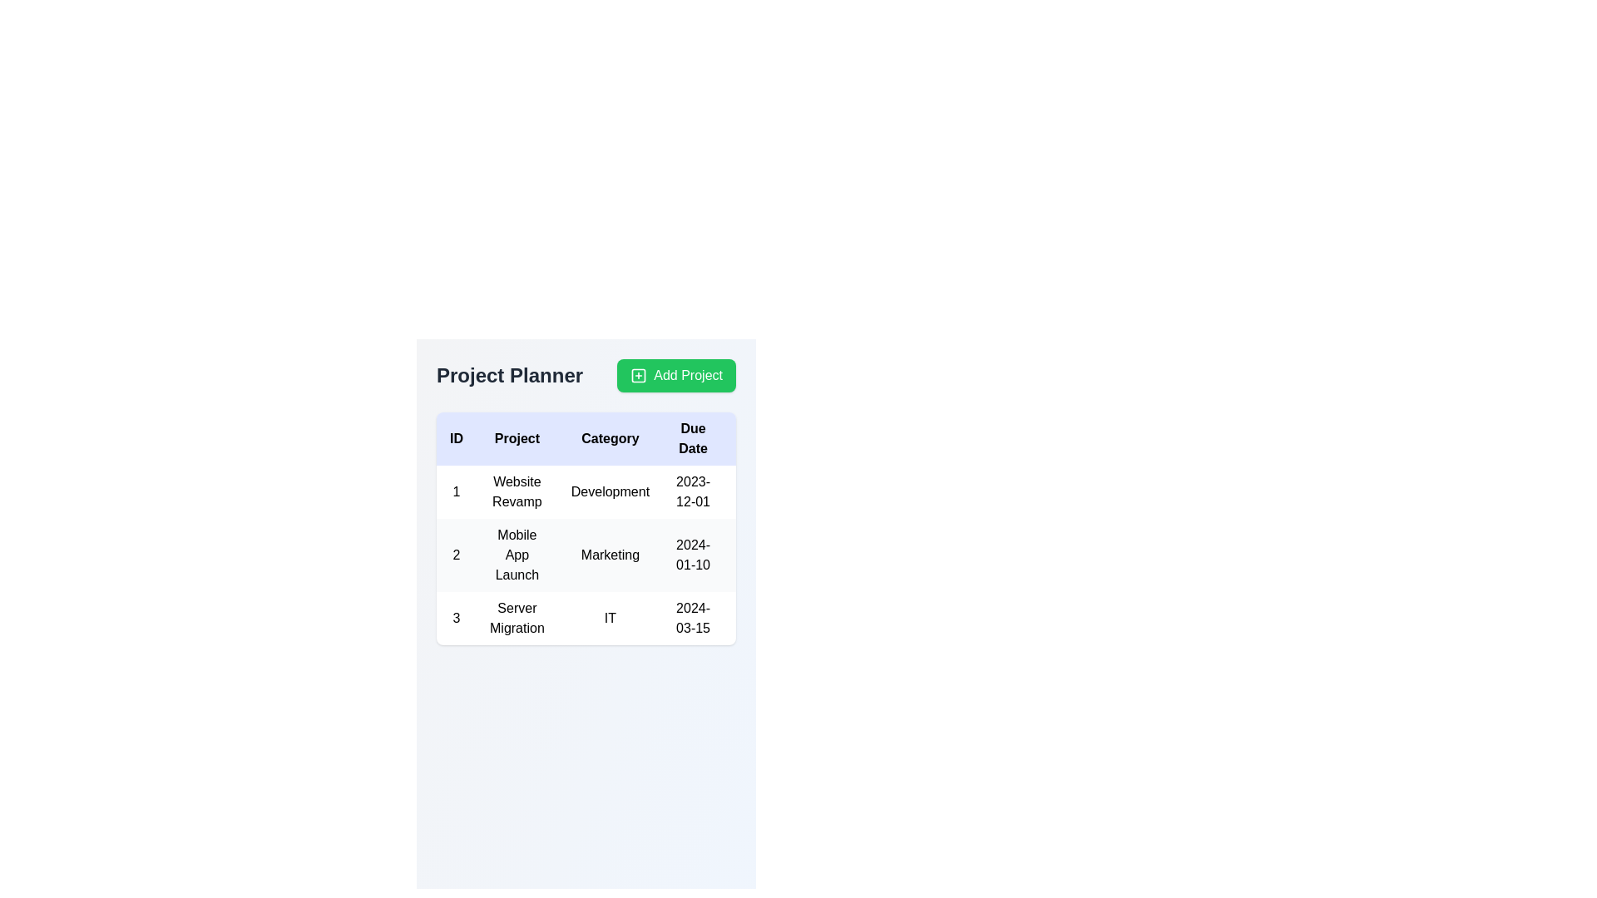  What do you see at coordinates (610, 619) in the screenshot?
I see `the text label displaying 'IT' located in the 'Category' column of the third row of the table` at bounding box center [610, 619].